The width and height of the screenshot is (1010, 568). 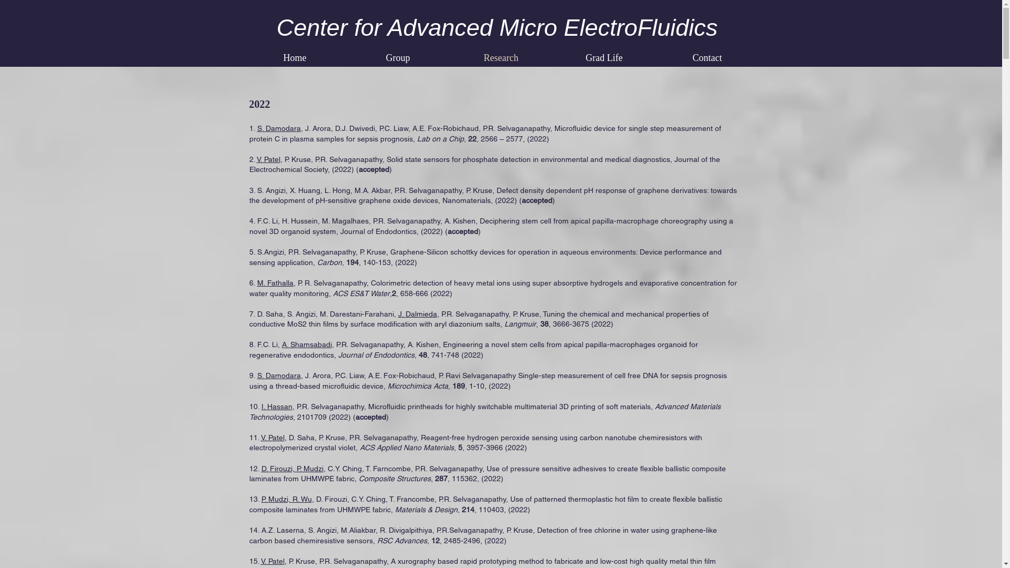 I want to click on 'Contact', so click(x=707, y=58).